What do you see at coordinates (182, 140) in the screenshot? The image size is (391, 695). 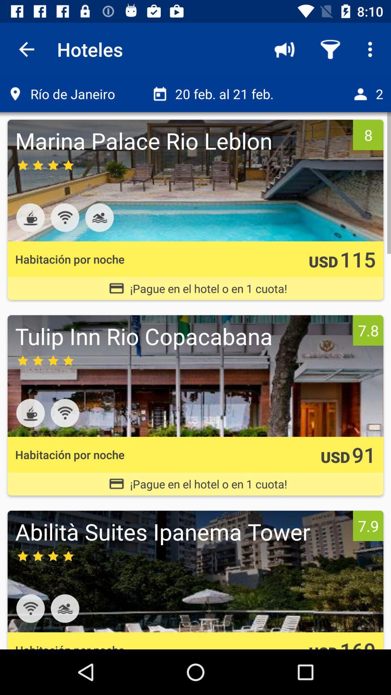 I see `marina palace rio item` at bounding box center [182, 140].